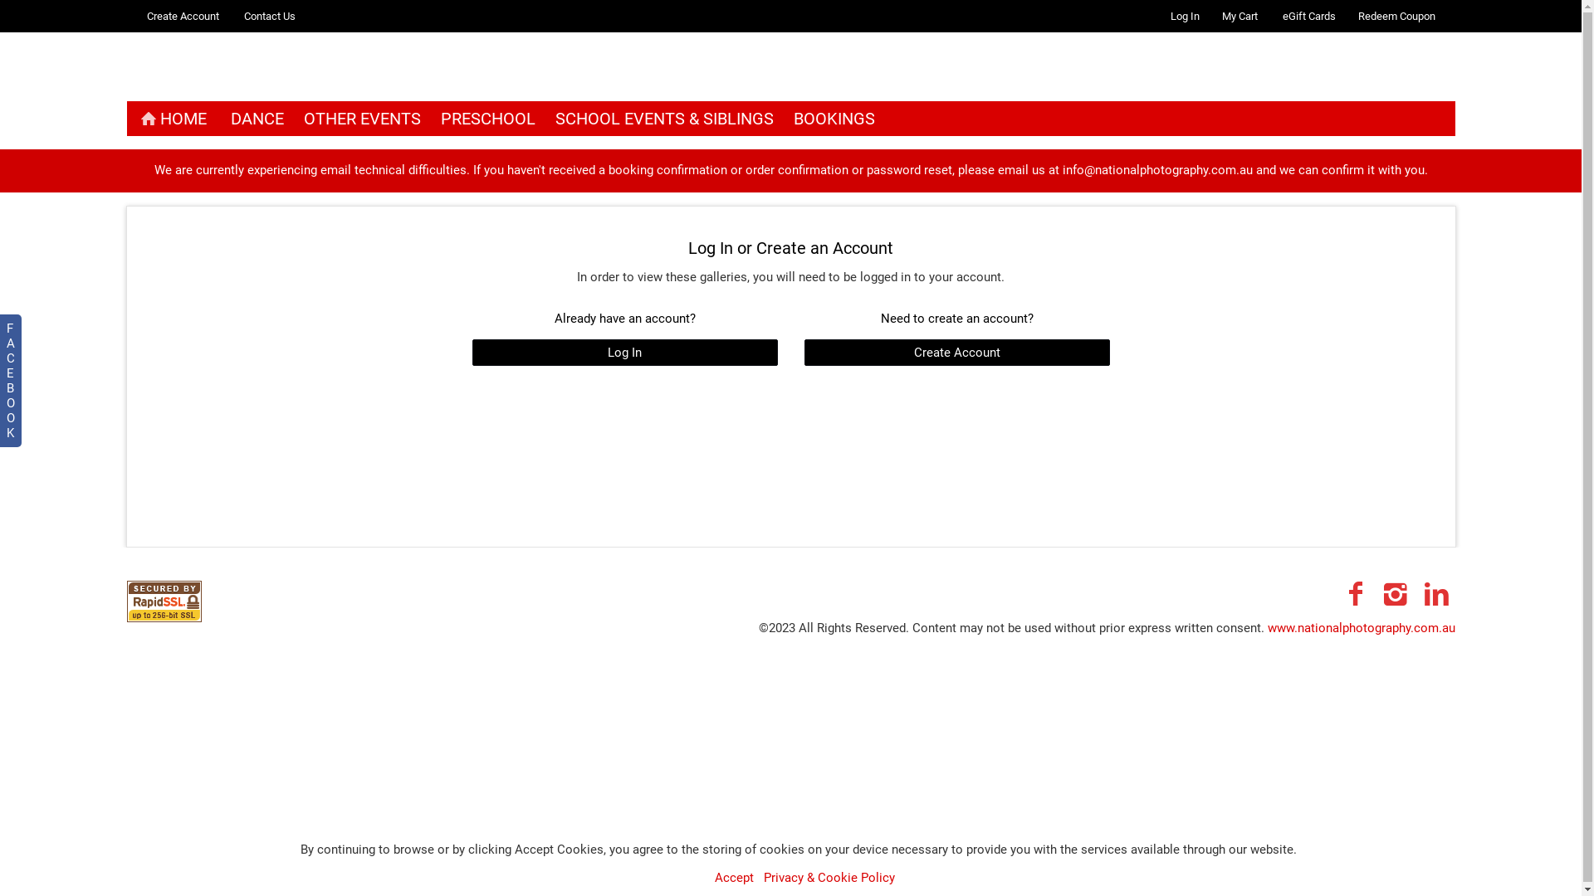 Image resolution: width=1594 pixels, height=896 pixels. Describe the element at coordinates (1417, 593) in the screenshot. I see `'LinkedIn'` at that location.